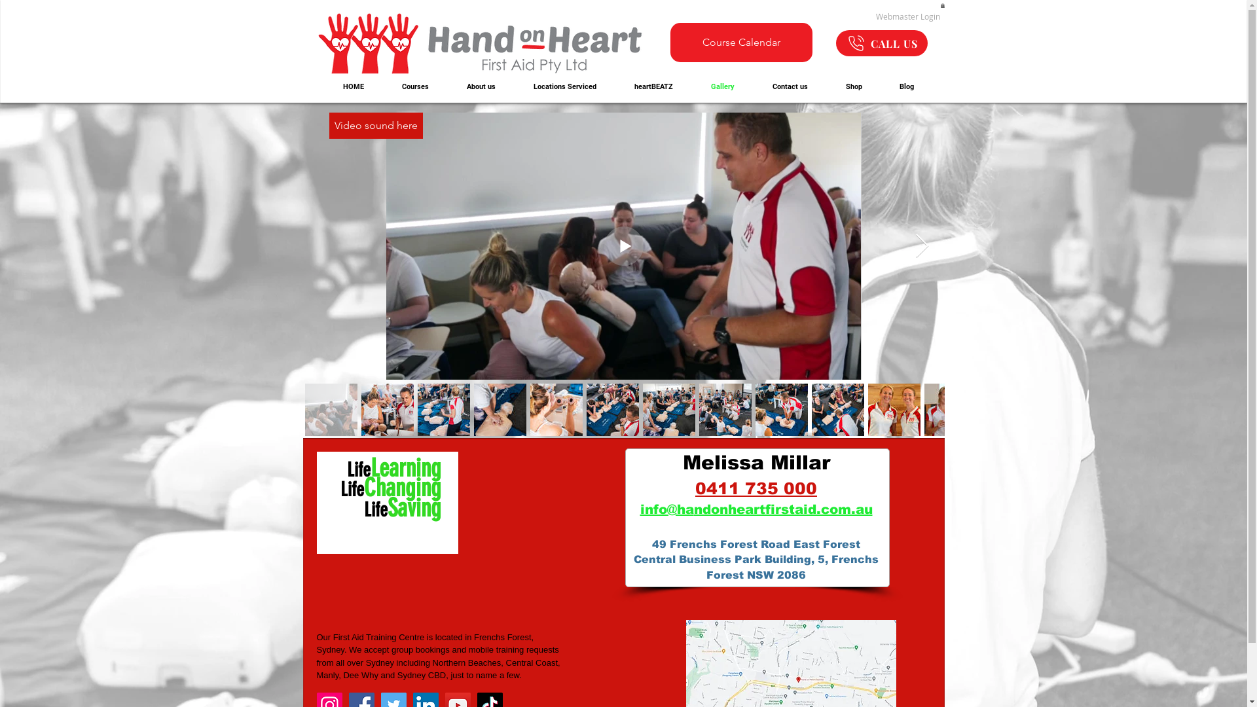 The width and height of the screenshot is (1257, 707). Describe the element at coordinates (756, 509) in the screenshot. I see `'info@handonheartfirstaid.com.au'` at that location.